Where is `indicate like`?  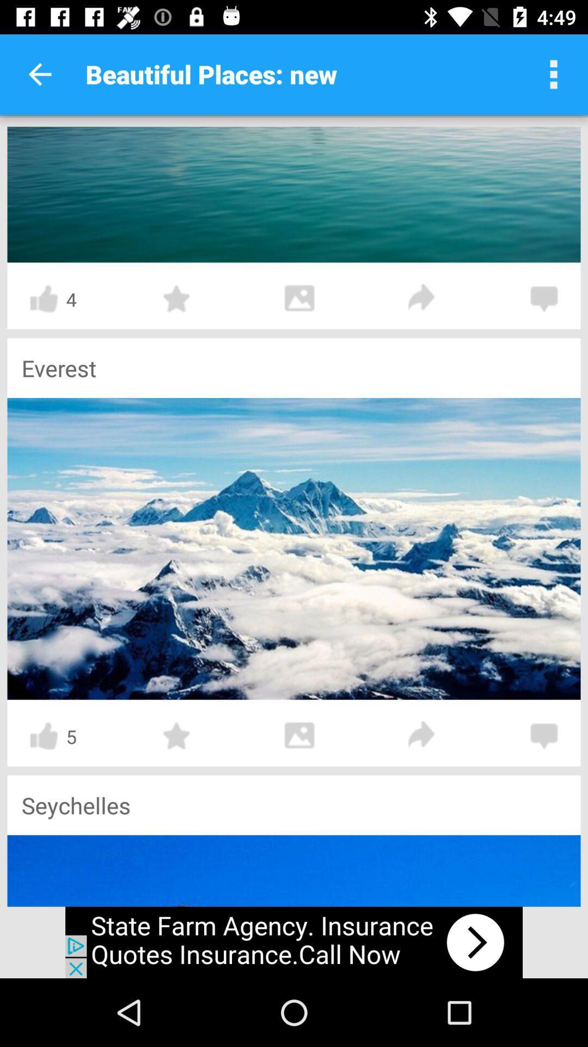
indicate like is located at coordinates (43, 736).